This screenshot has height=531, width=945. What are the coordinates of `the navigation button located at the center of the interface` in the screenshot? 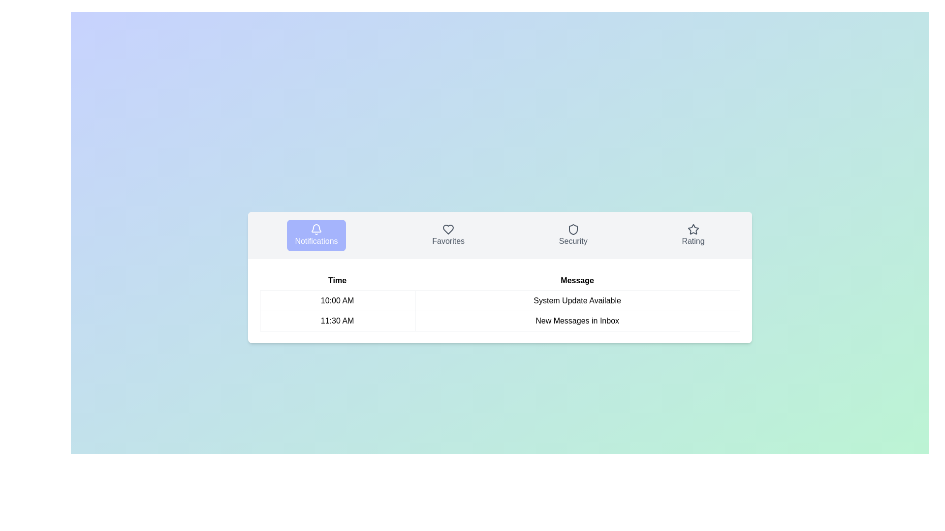 It's located at (316, 235).